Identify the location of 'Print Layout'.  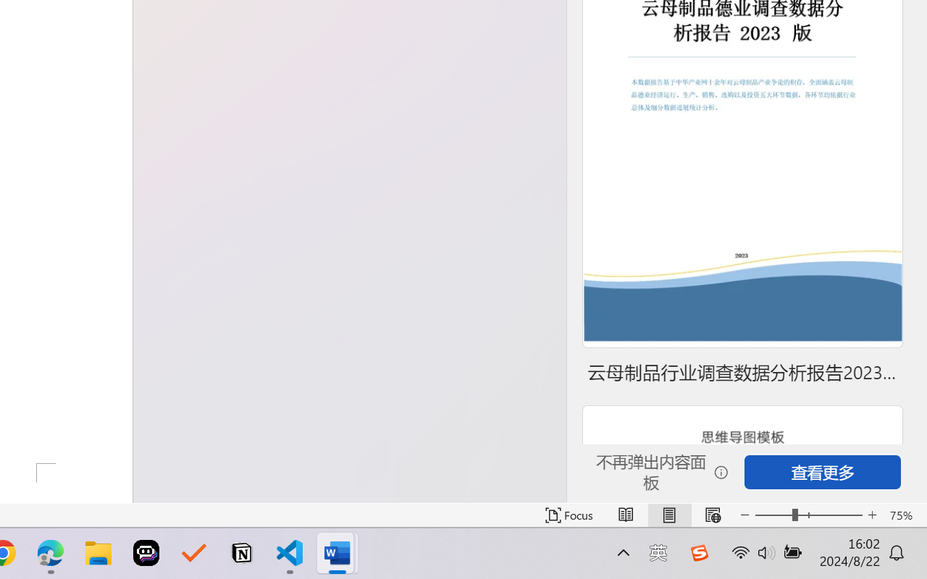
(668, 515).